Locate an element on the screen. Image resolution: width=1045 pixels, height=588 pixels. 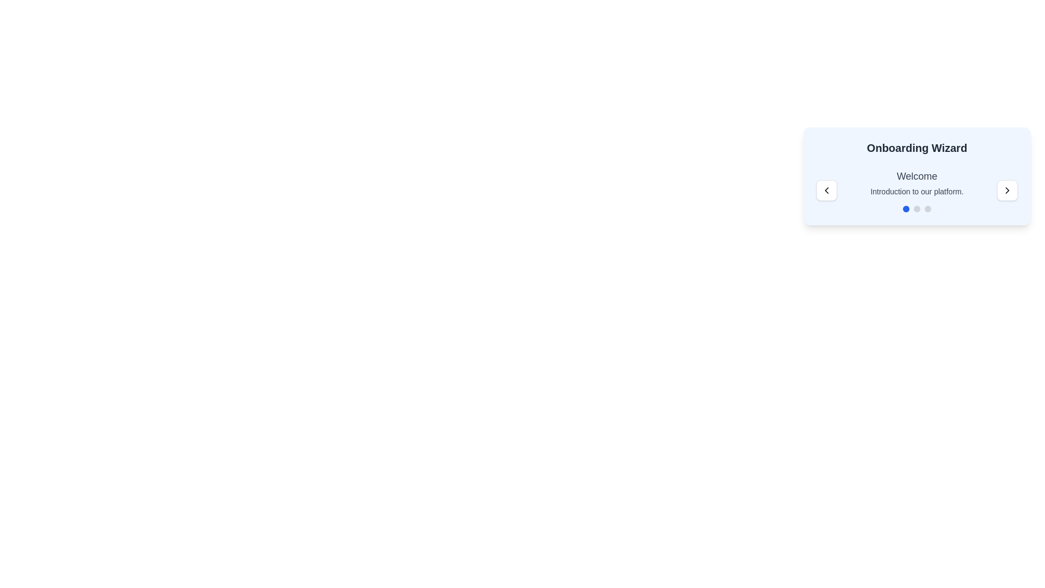
the left chevron arrow icon located in the upper-left section of the Onboarding Wizard panel is located at coordinates (826, 190).